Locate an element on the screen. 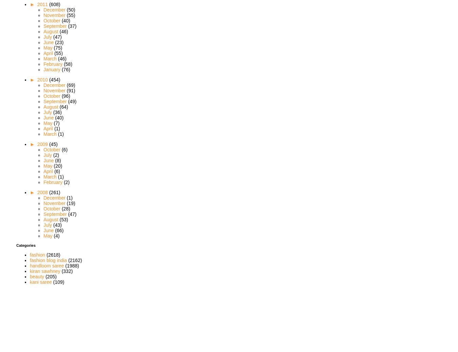  '(454)' is located at coordinates (54, 79).